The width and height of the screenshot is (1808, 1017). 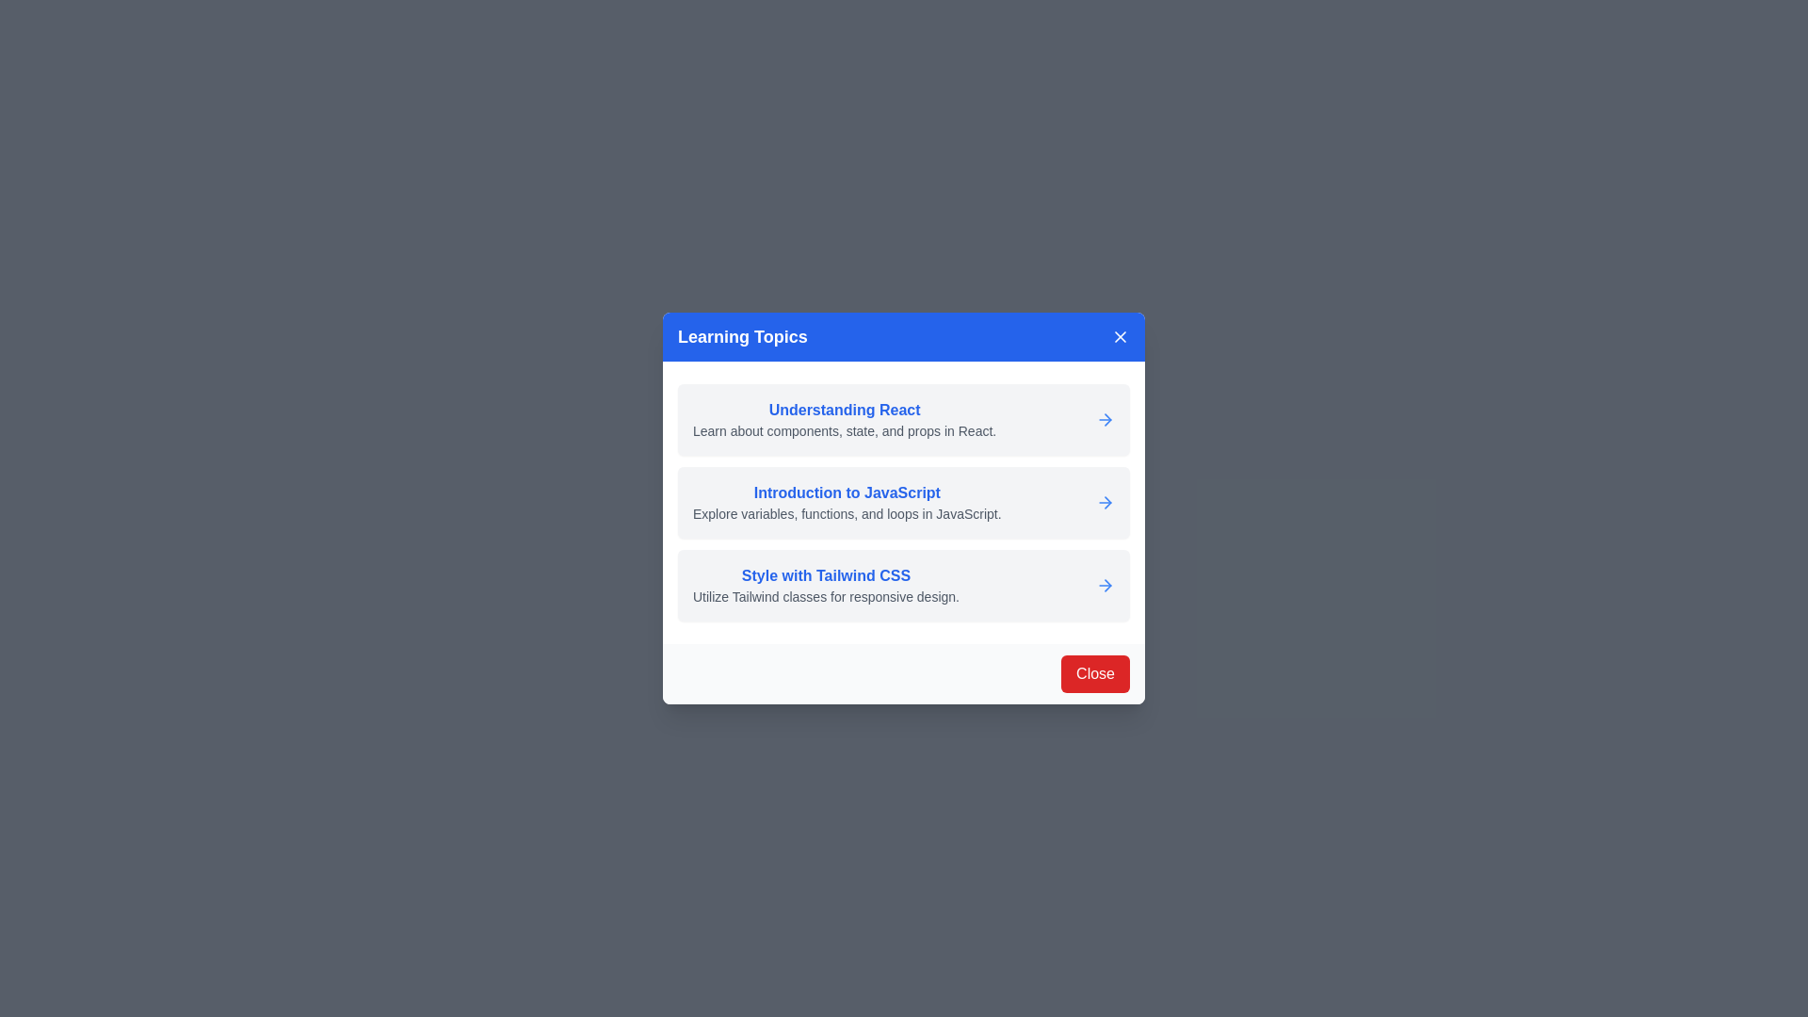 I want to click on the descriptive text element located below the heading 'Understanding React' in the topic card of the 'Learning Topics' modal dialog, so click(x=844, y=431).